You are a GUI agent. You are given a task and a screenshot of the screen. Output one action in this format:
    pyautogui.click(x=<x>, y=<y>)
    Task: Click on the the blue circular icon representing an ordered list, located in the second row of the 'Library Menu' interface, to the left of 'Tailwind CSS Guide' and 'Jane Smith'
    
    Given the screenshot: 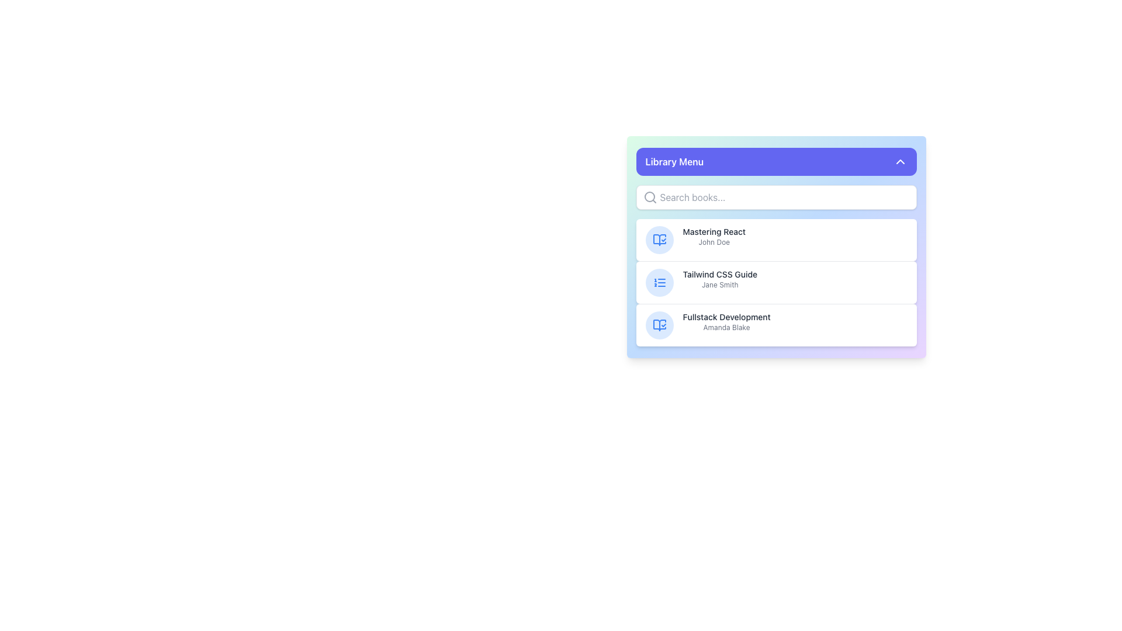 What is the action you would take?
    pyautogui.click(x=659, y=282)
    